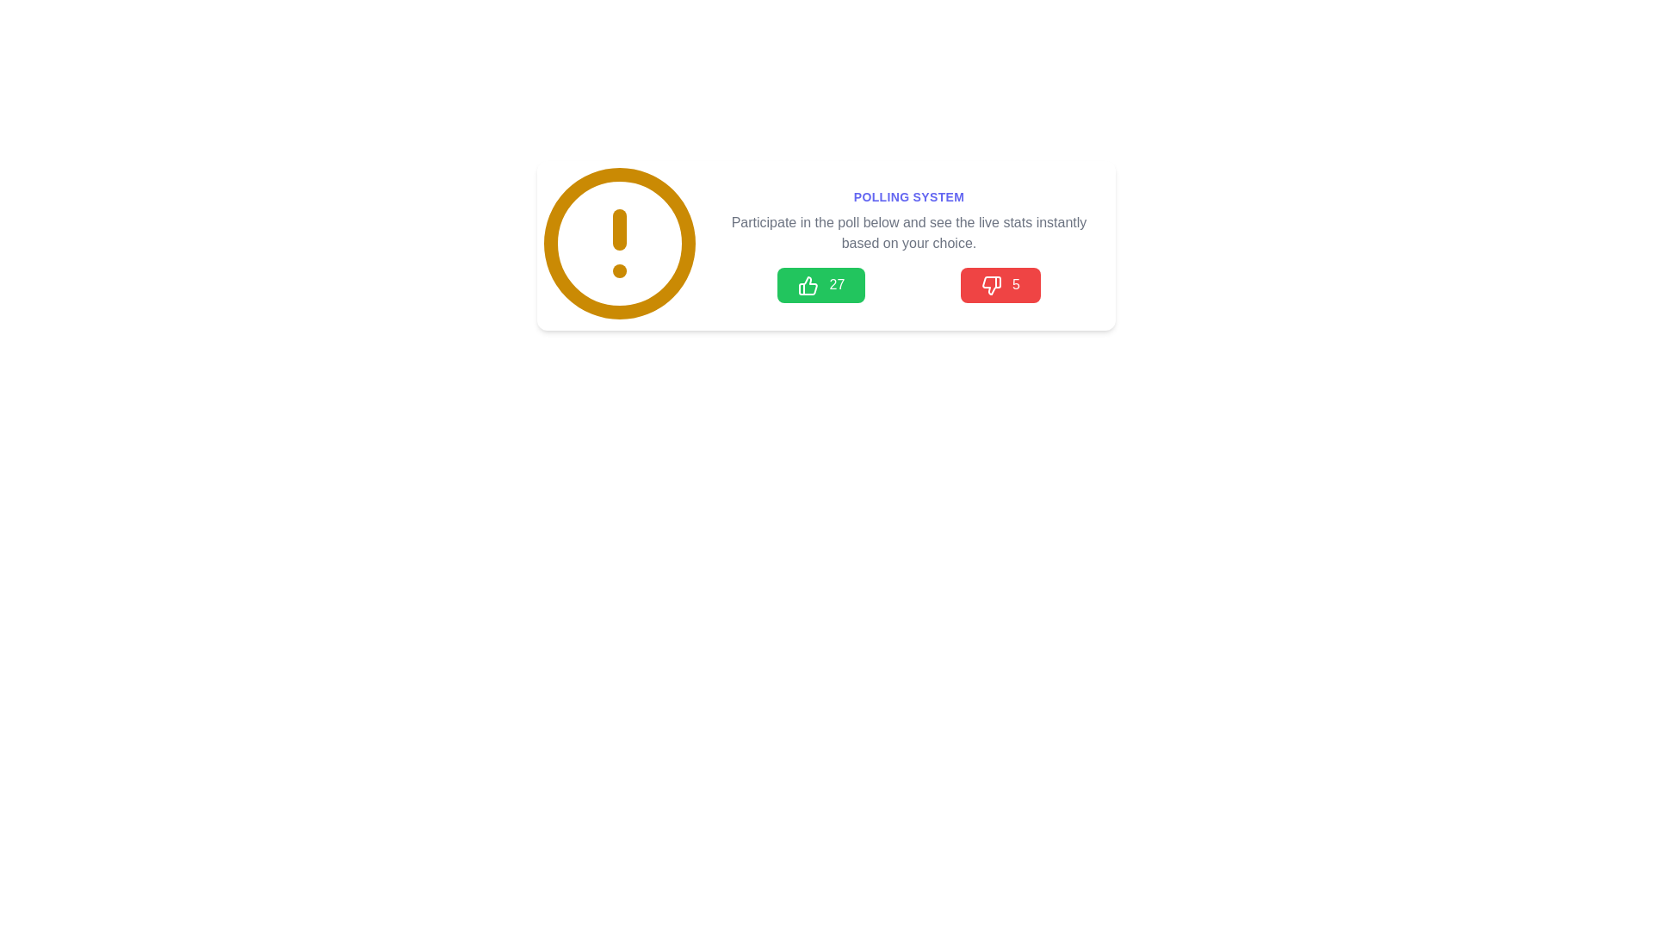  I want to click on the negative feedback icon located inside the red feedback button on the right side of the interactive panel, aligned horizontally with the '5', so click(991, 284).